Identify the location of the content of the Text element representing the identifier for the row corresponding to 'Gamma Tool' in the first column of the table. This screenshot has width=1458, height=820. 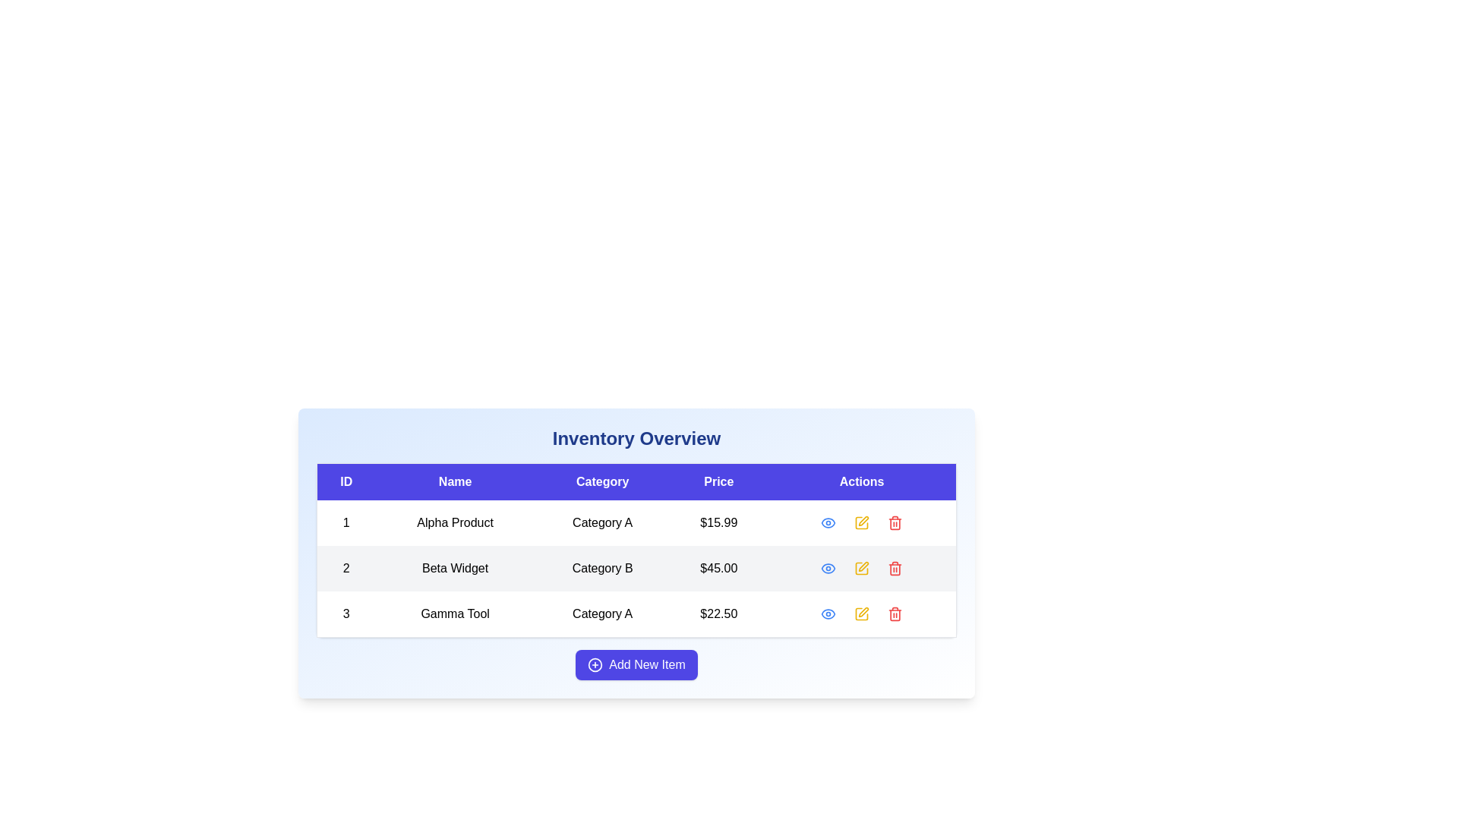
(346, 613).